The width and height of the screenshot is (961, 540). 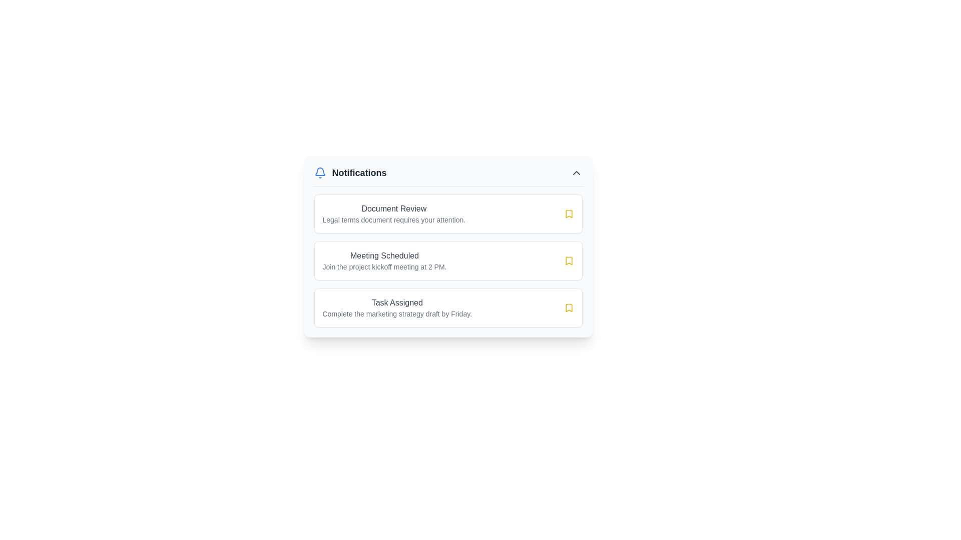 I want to click on the header label for the notifications section, which indicates the type of information below, so click(x=350, y=172).